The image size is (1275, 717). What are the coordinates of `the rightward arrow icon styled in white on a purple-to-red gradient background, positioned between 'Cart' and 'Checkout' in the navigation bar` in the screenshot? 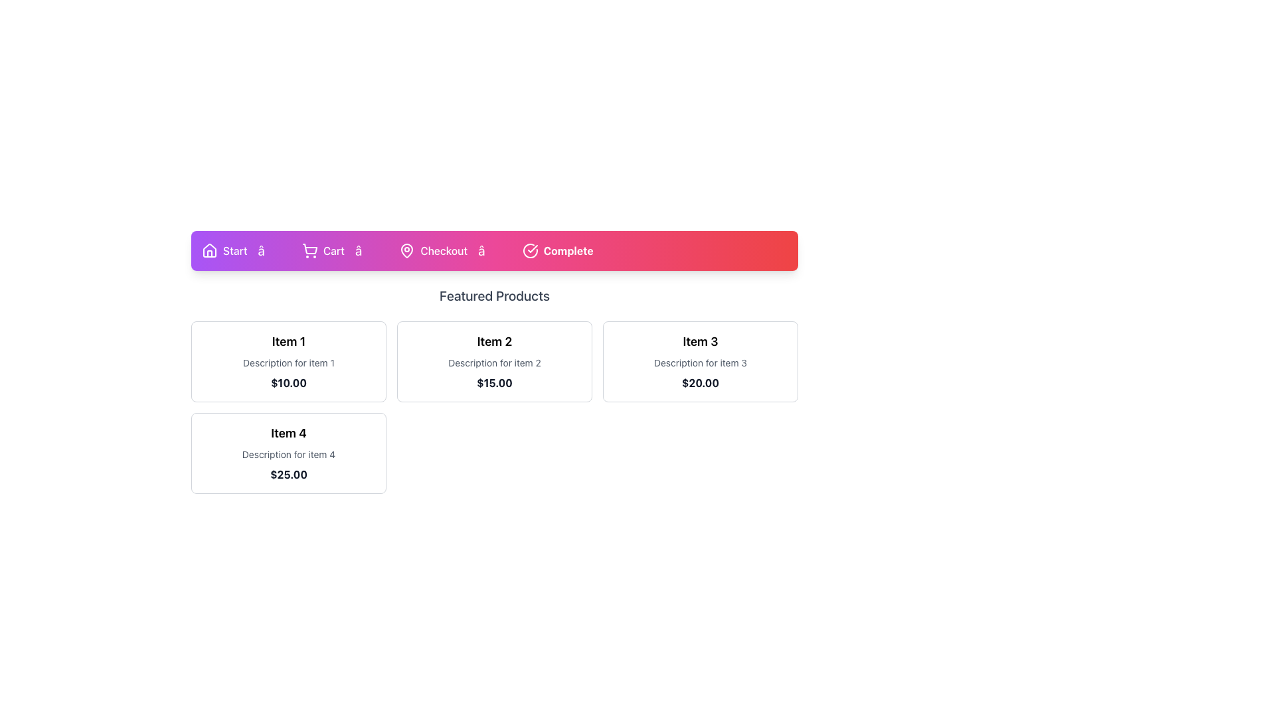 It's located at (372, 251).